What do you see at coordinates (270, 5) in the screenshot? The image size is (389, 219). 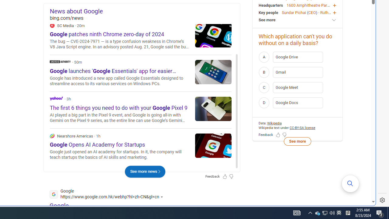 I see `'Headquarters'` at bounding box center [270, 5].